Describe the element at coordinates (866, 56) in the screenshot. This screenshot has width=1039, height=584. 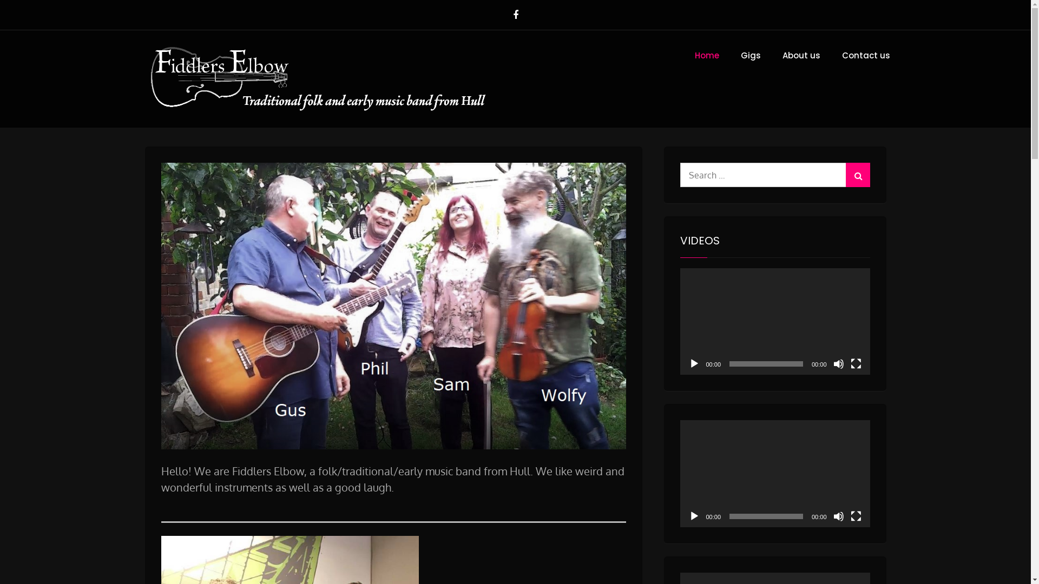
I see `'Contact us'` at that location.